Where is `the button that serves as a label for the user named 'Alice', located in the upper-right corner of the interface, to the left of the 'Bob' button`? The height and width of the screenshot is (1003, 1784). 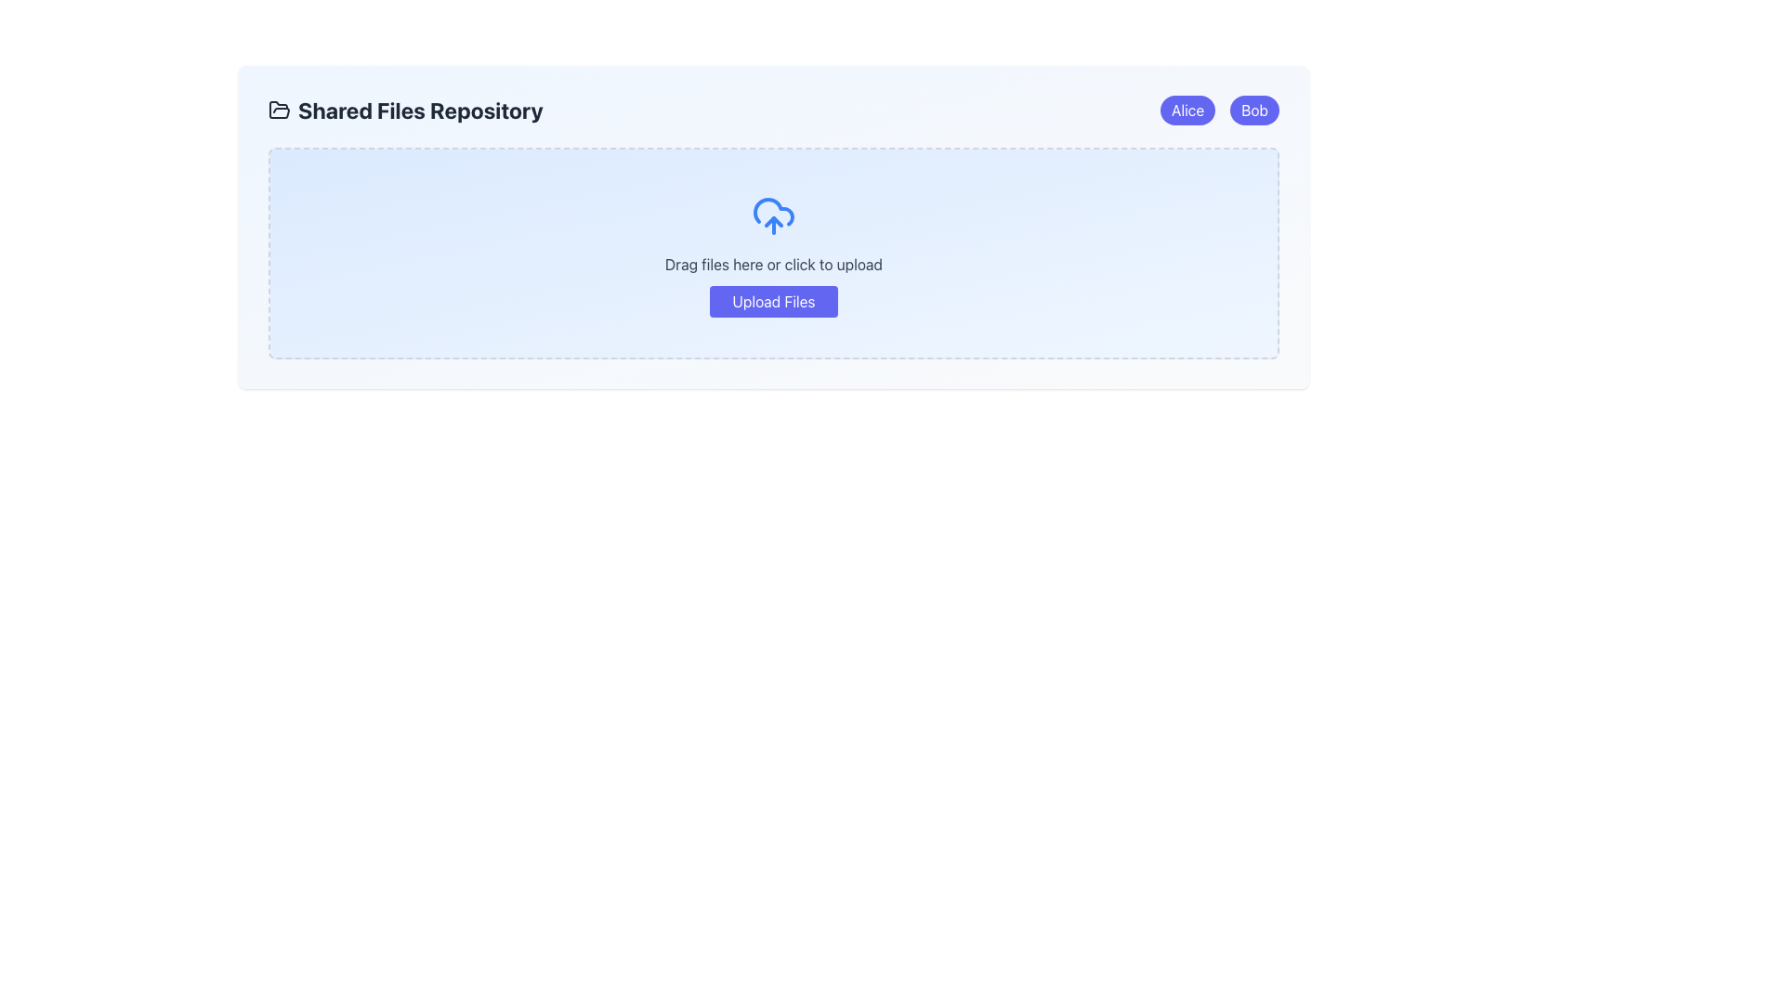 the button that serves as a label for the user named 'Alice', located in the upper-right corner of the interface, to the left of the 'Bob' button is located at coordinates (1186, 111).